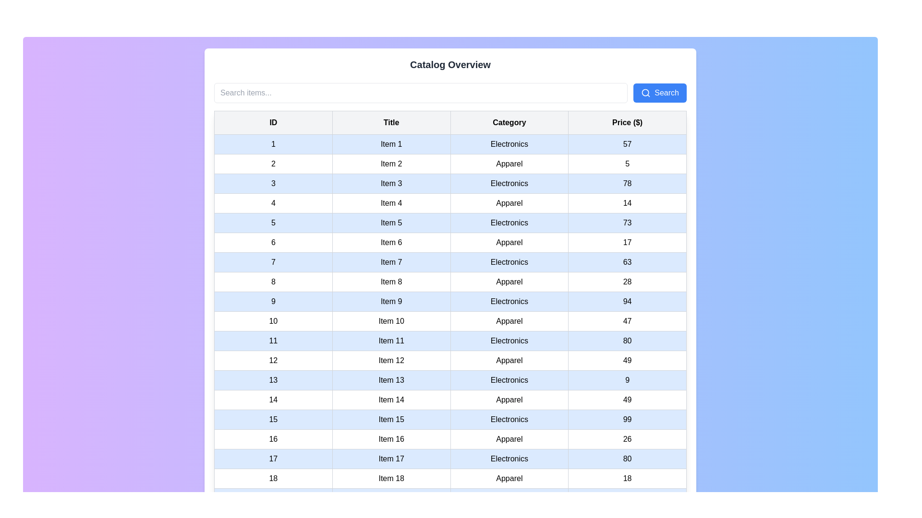 This screenshot has height=518, width=922. Describe the element at coordinates (509, 400) in the screenshot. I see `the table cell in the third column labeled 'Category' that contains the text 'Apparel' for 'Item 14'` at that location.